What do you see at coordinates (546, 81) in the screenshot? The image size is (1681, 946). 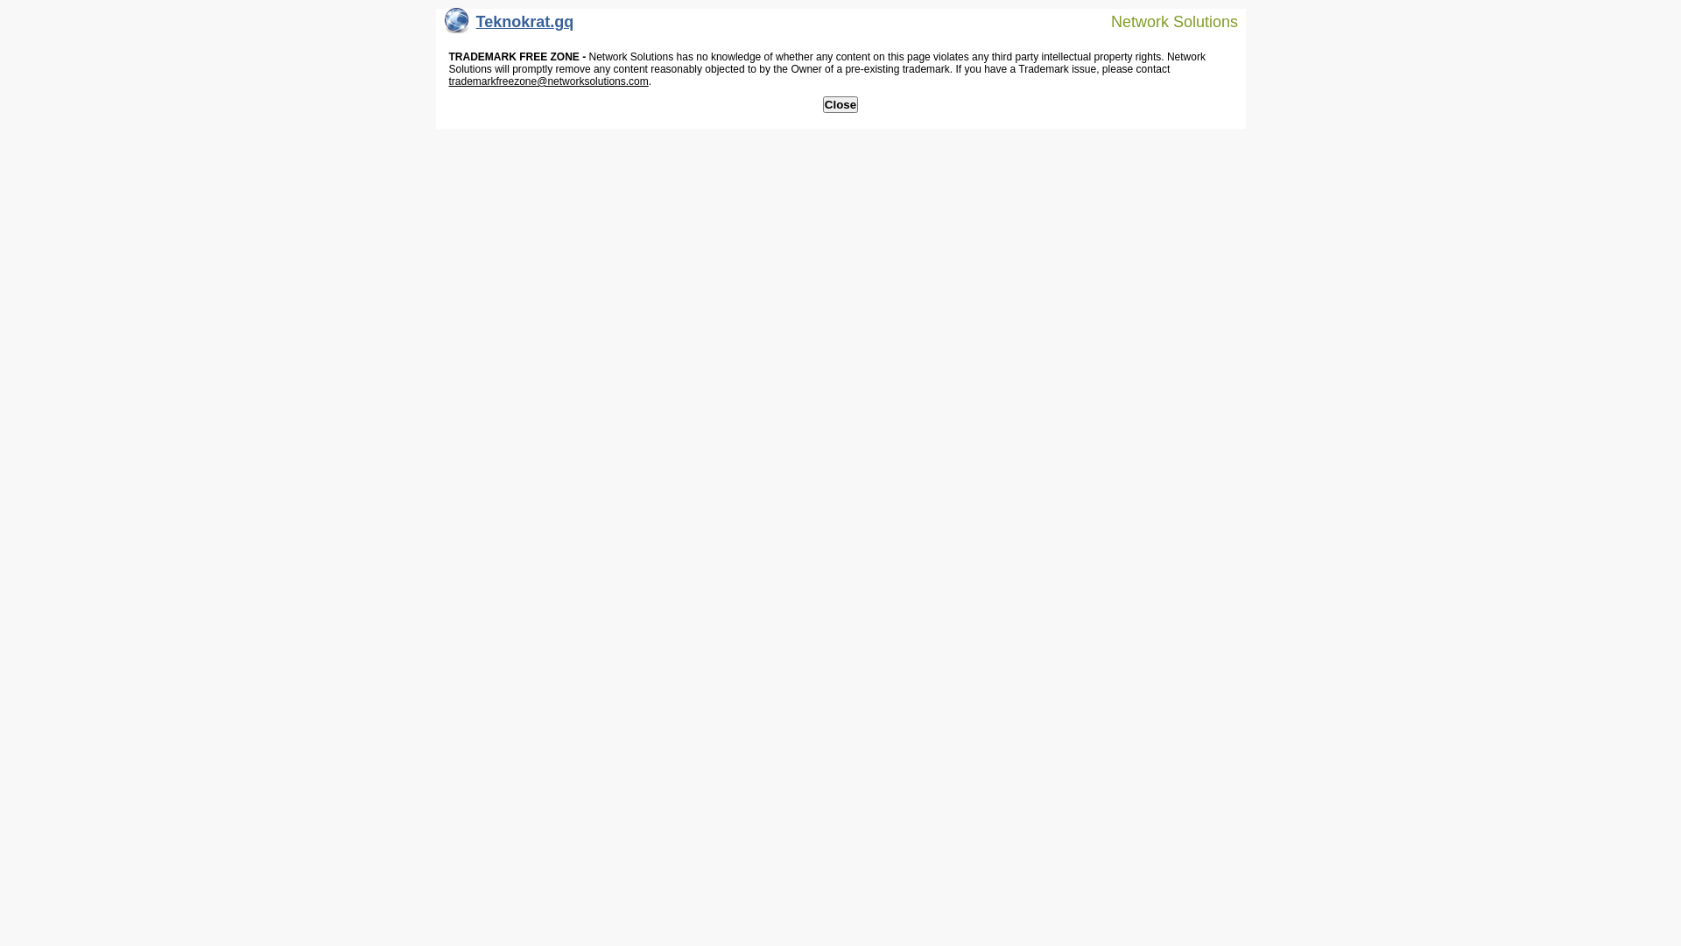 I see `'trademarkfreezone@networksolutions.com'` at bounding box center [546, 81].